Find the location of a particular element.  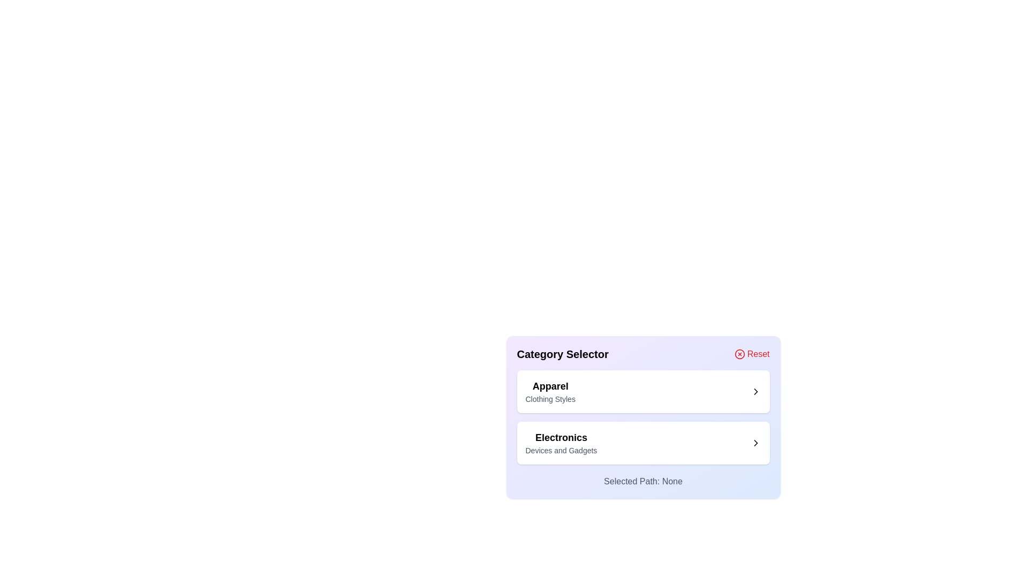

the 'Electronics' button-like interactive list item for keyboard navigation is located at coordinates (642, 443).